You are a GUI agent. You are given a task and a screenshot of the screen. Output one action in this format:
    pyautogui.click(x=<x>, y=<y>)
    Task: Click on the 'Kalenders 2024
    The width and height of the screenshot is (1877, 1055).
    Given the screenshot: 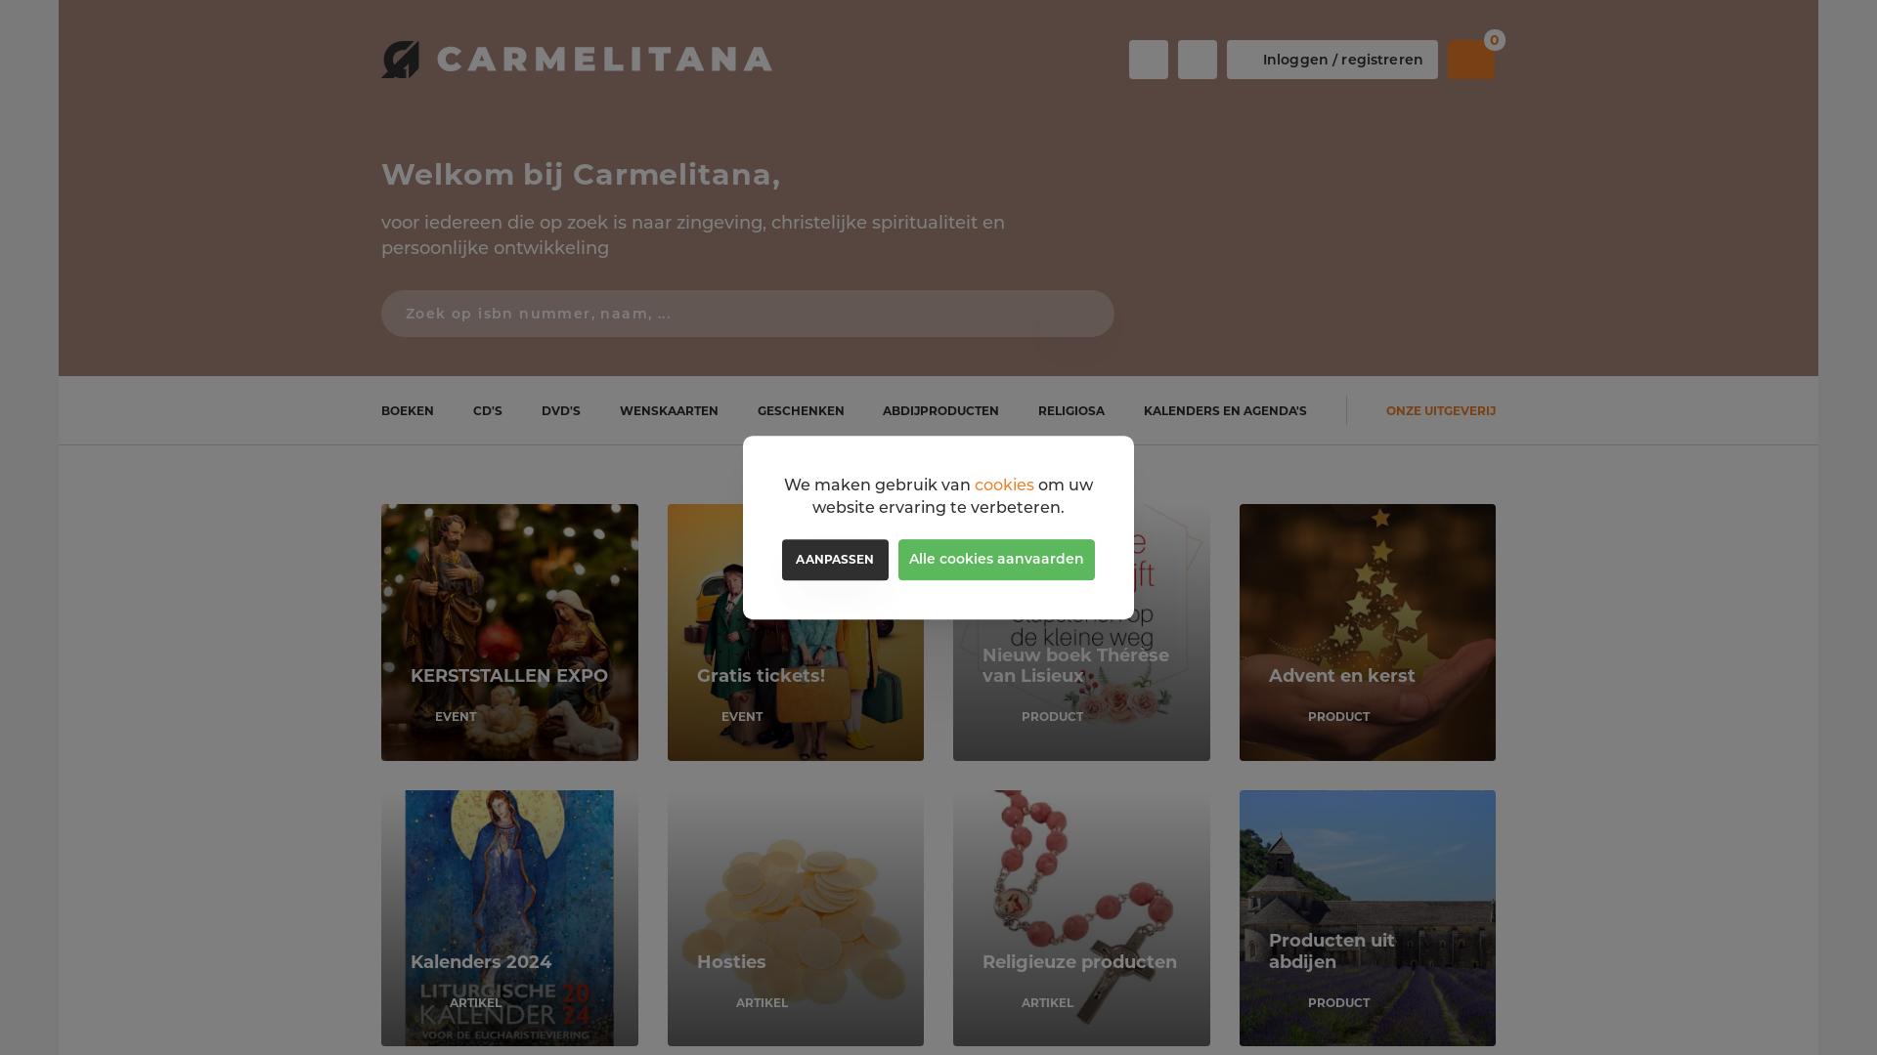 What is the action you would take?
    pyautogui.click(x=509, y=918)
    